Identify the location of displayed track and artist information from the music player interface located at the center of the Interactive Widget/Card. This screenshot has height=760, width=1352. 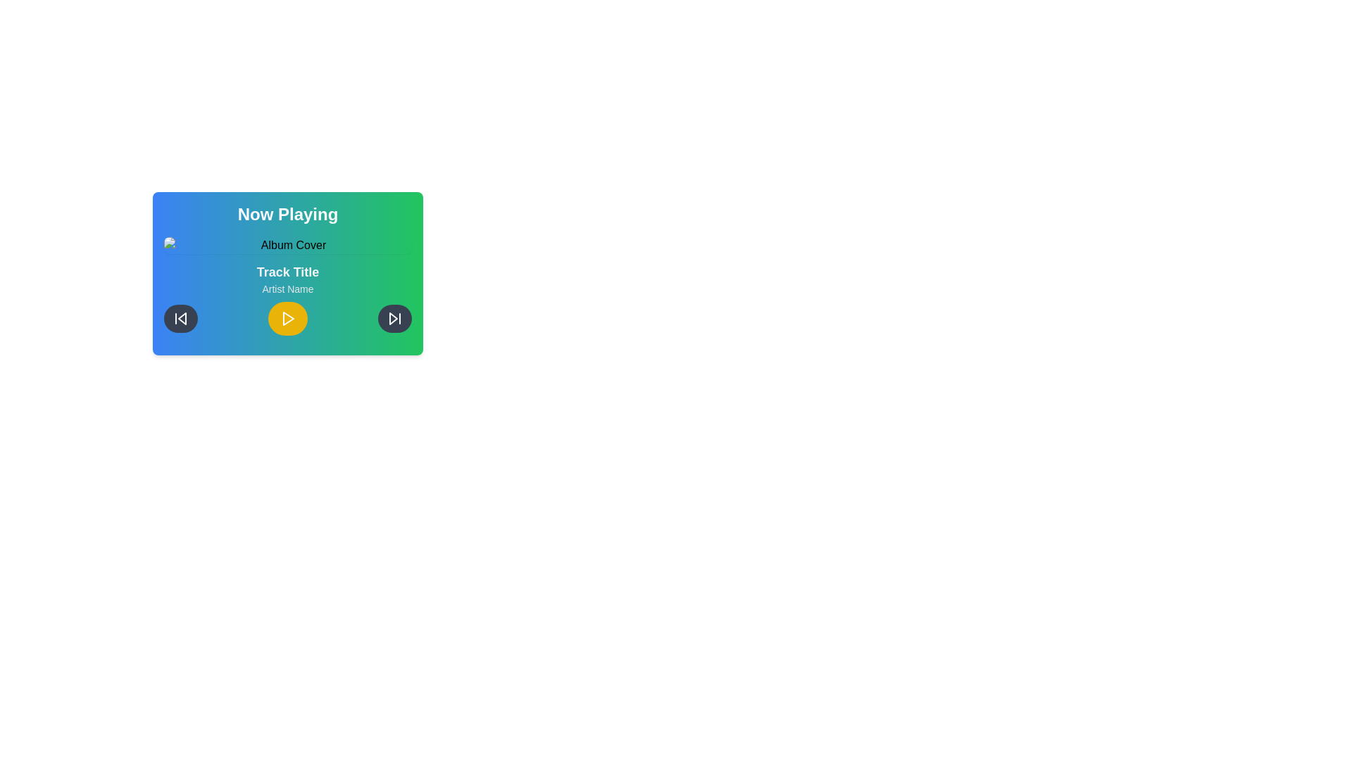
(287, 274).